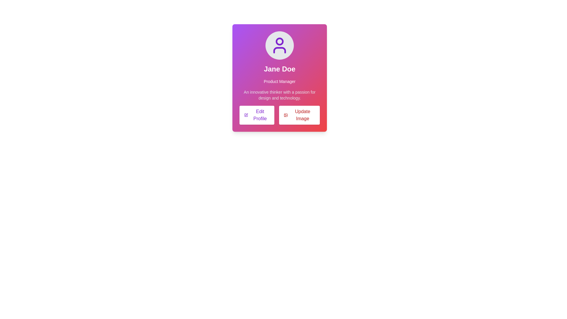  What do you see at coordinates (286, 115) in the screenshot?
I see `the decorative Rectangle UI component located above the 'Update Image' button and to the right of the 'Edit Profile' button, which serves as a background for surrounding graphical elements` at bounding box center [286, 115].